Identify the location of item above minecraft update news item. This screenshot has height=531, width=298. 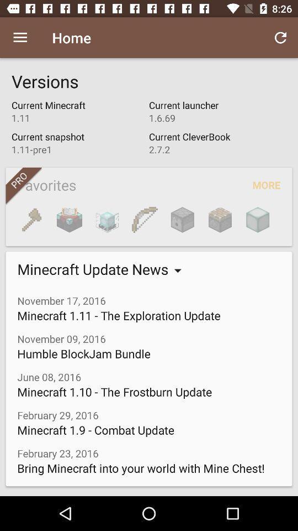
(182, 219).